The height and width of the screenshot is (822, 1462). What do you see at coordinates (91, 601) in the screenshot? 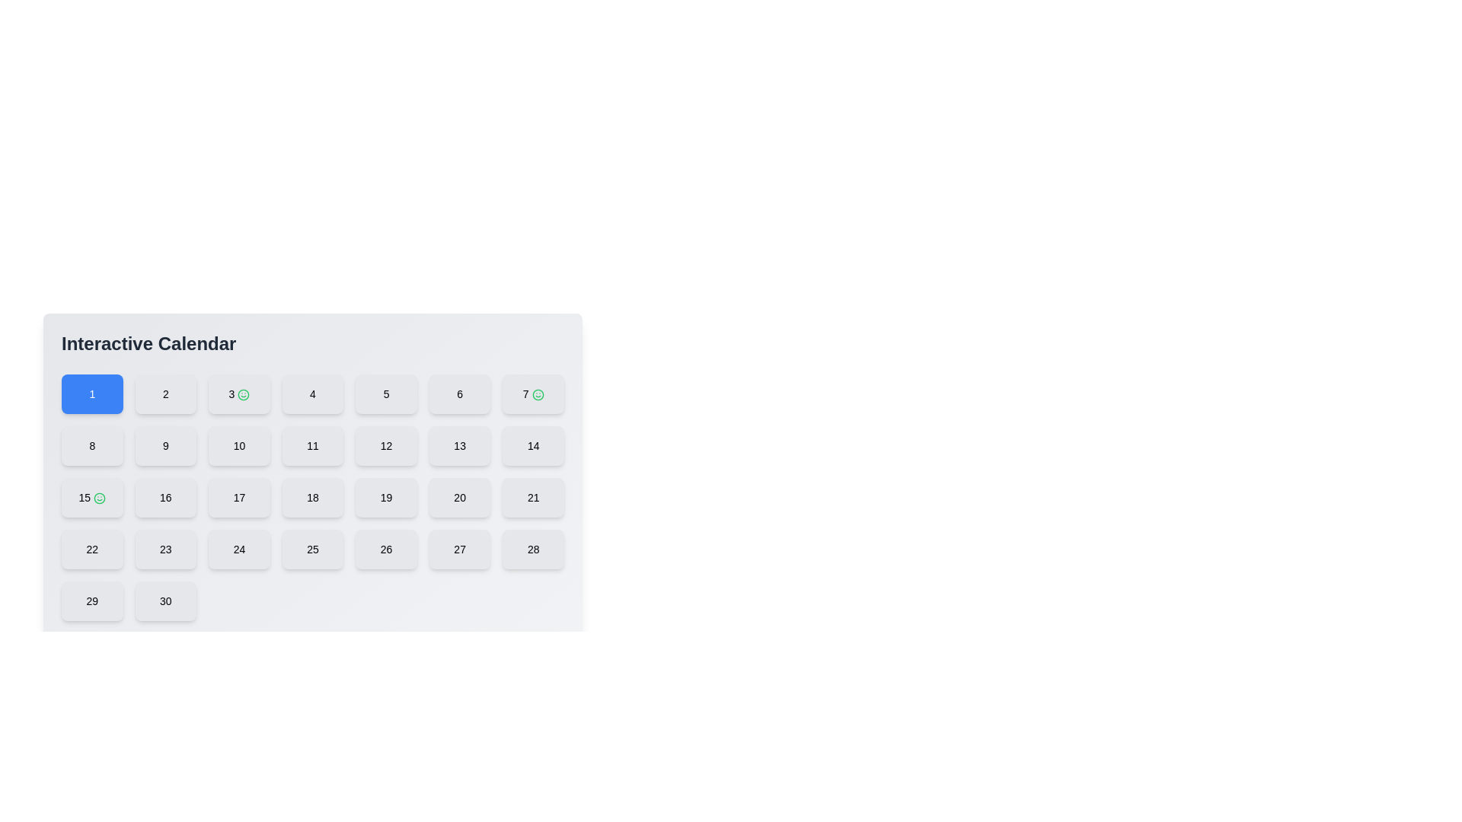
I see `the rounded rectangular button labeled '29' with a light grey background located in the last row, first column of the grid under 'Interactive Calendar'` at bounding box center [91, 601].